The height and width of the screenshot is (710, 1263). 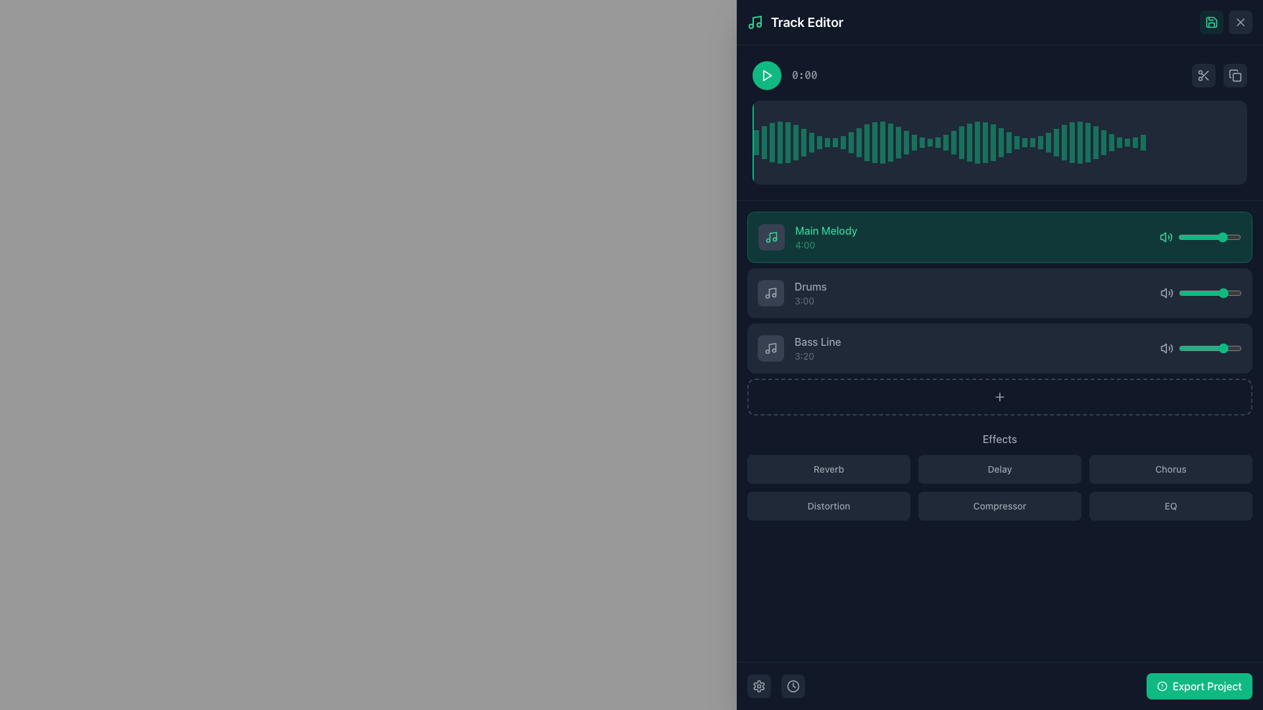 I want to click on the volume slider, so click(x=1218, y=237).